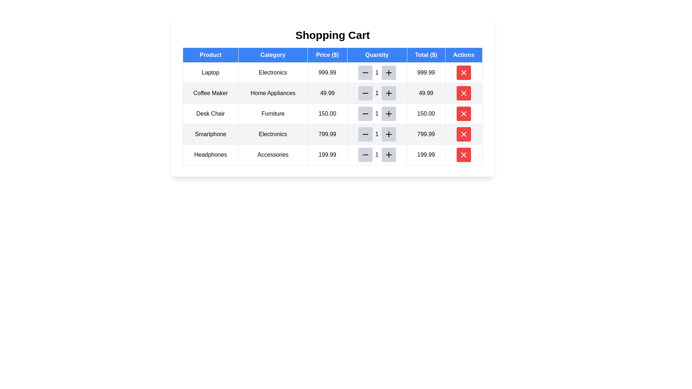 This screenshot has height=389, width=692. I want to click on the 'X' icon button in the 'Actions' column of the table, located in the fourth row corresponding to the product 'Desk Chair', so click(463, 113).